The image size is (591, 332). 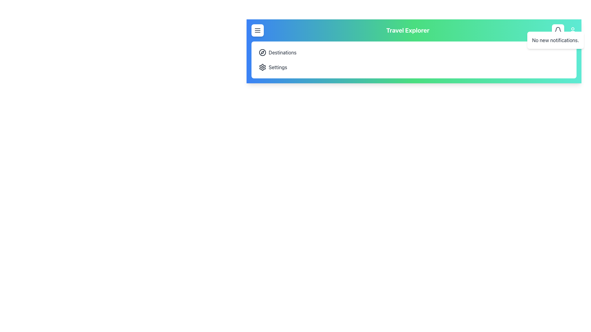 What do you see at coordinates (573, 30) in the screenshot?
I see `the user profile icon located in the top navigation bar, which is the second icon to the right of the bell notification icon` at bounding box center [573, 30].